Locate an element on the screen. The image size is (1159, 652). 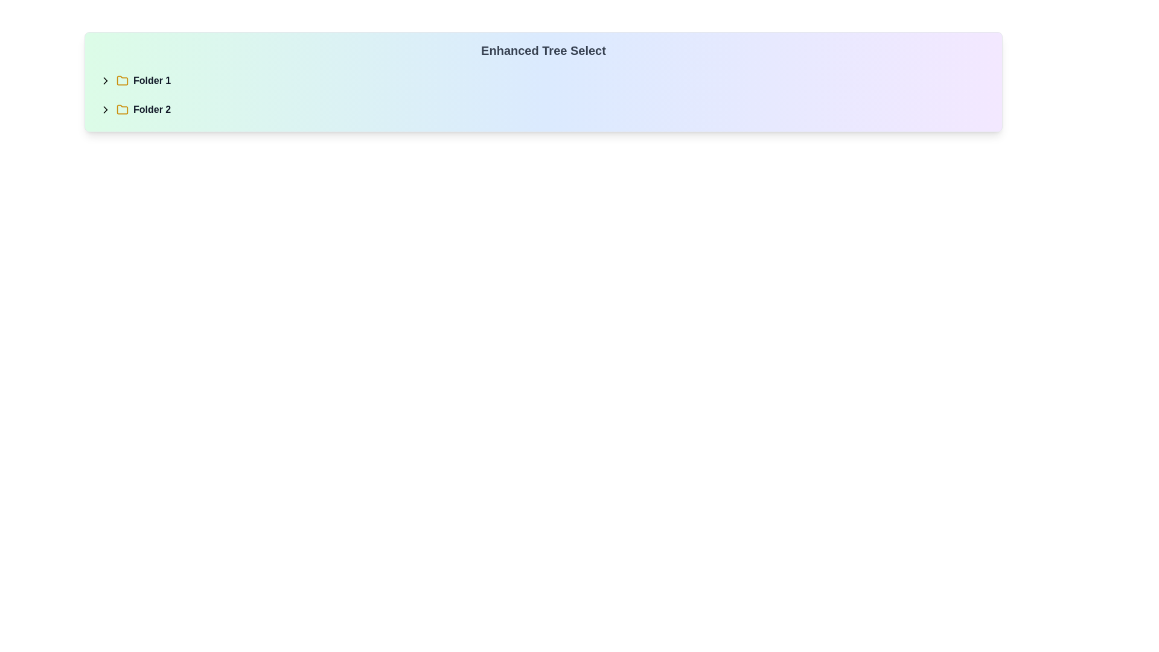
the text label for 'Folder 2' is located at coordinates (152, 109).